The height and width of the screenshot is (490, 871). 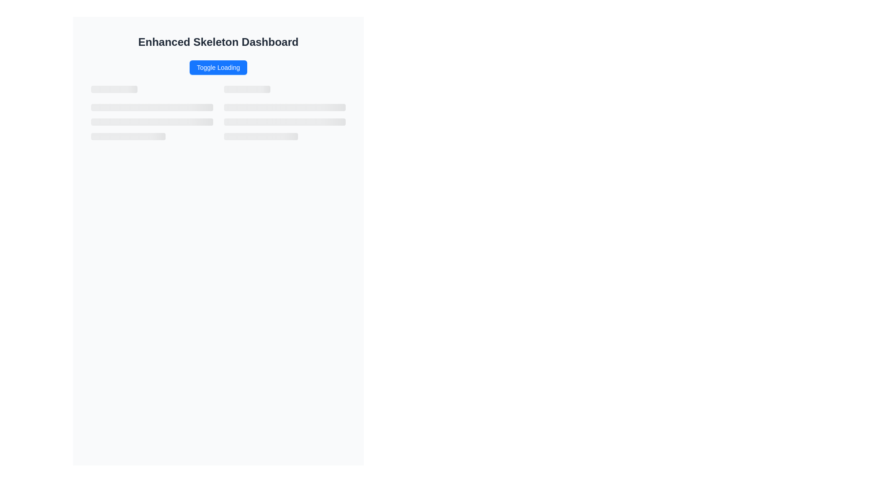 What do you see at coordinates (218, 67) in the screenshot?
I see `the 'Toggle Loading' button, which is visually centered beneath the title 'Enhanced Skeleton Dashboard' and has a bright blue background with bold white text` at bounding box center [218, 67].